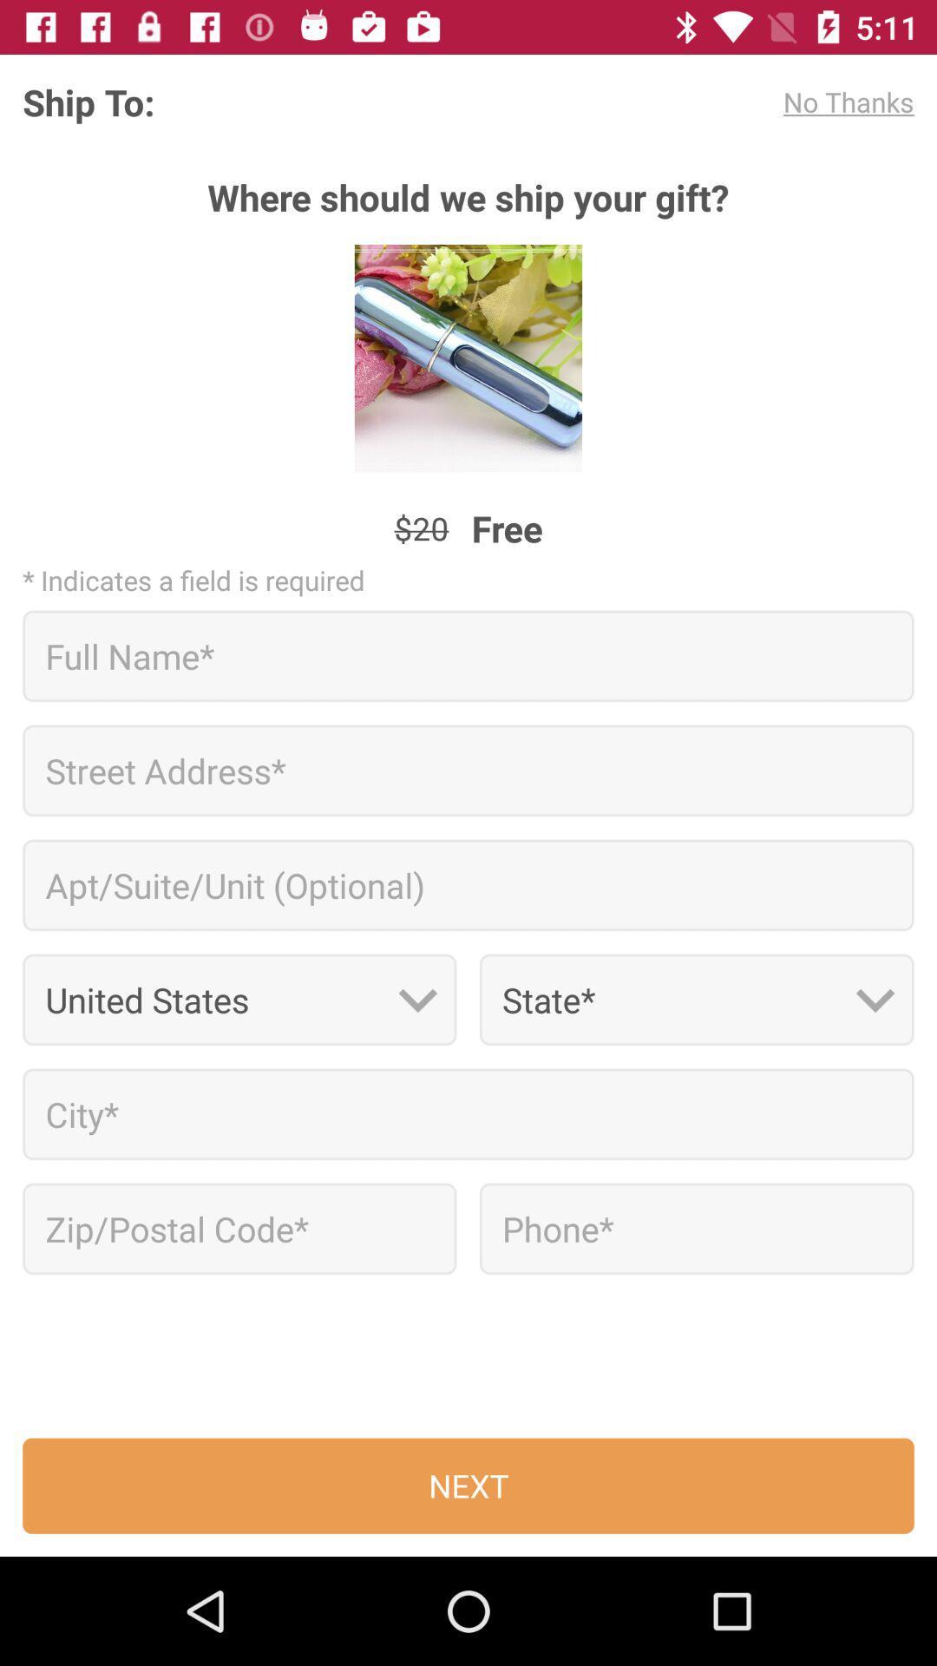 The image size is (937, 1666). What do you see at coordinates (239, 1228) in the screenshot?
I see `application form the article` at bounding box center [239, 1228].